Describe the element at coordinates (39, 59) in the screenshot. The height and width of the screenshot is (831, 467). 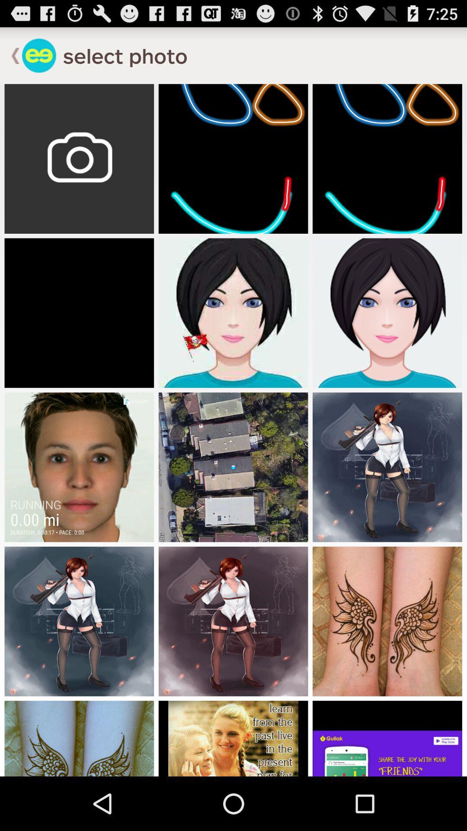
I see `the emoji icon` at that location.